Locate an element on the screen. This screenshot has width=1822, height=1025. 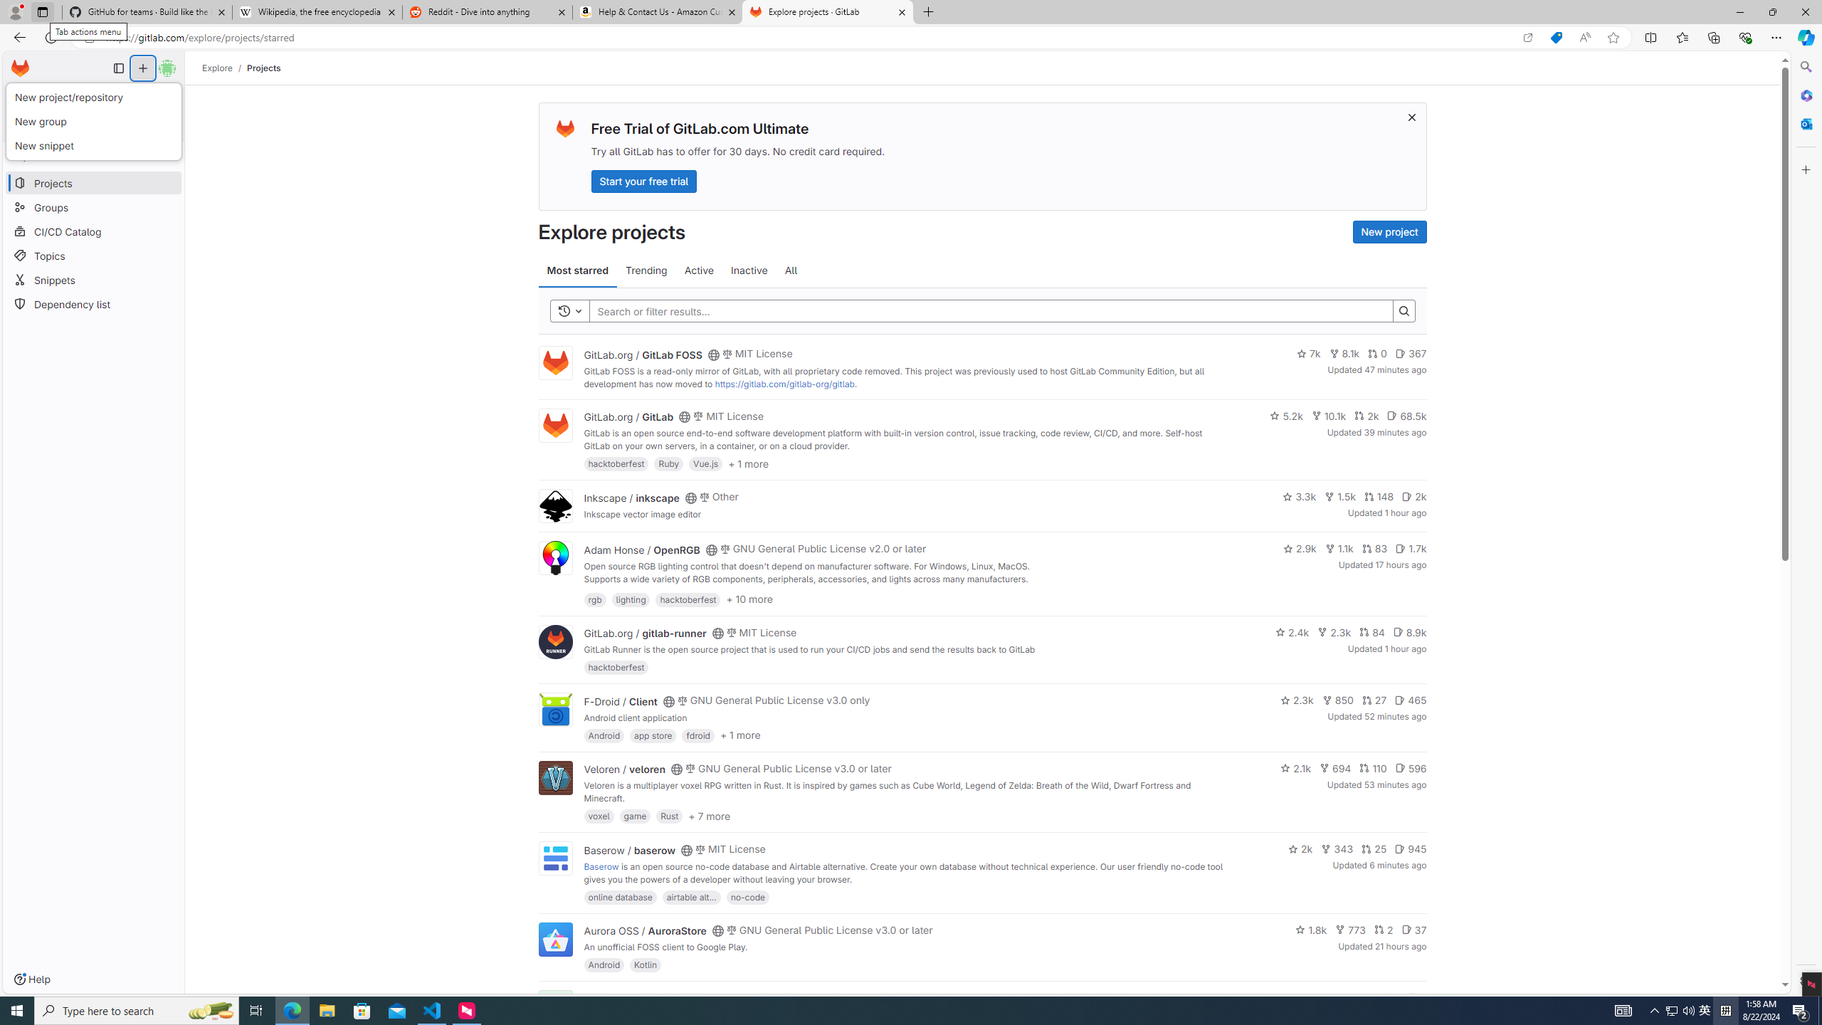
'New project' is located at coordinates (1389, 231).